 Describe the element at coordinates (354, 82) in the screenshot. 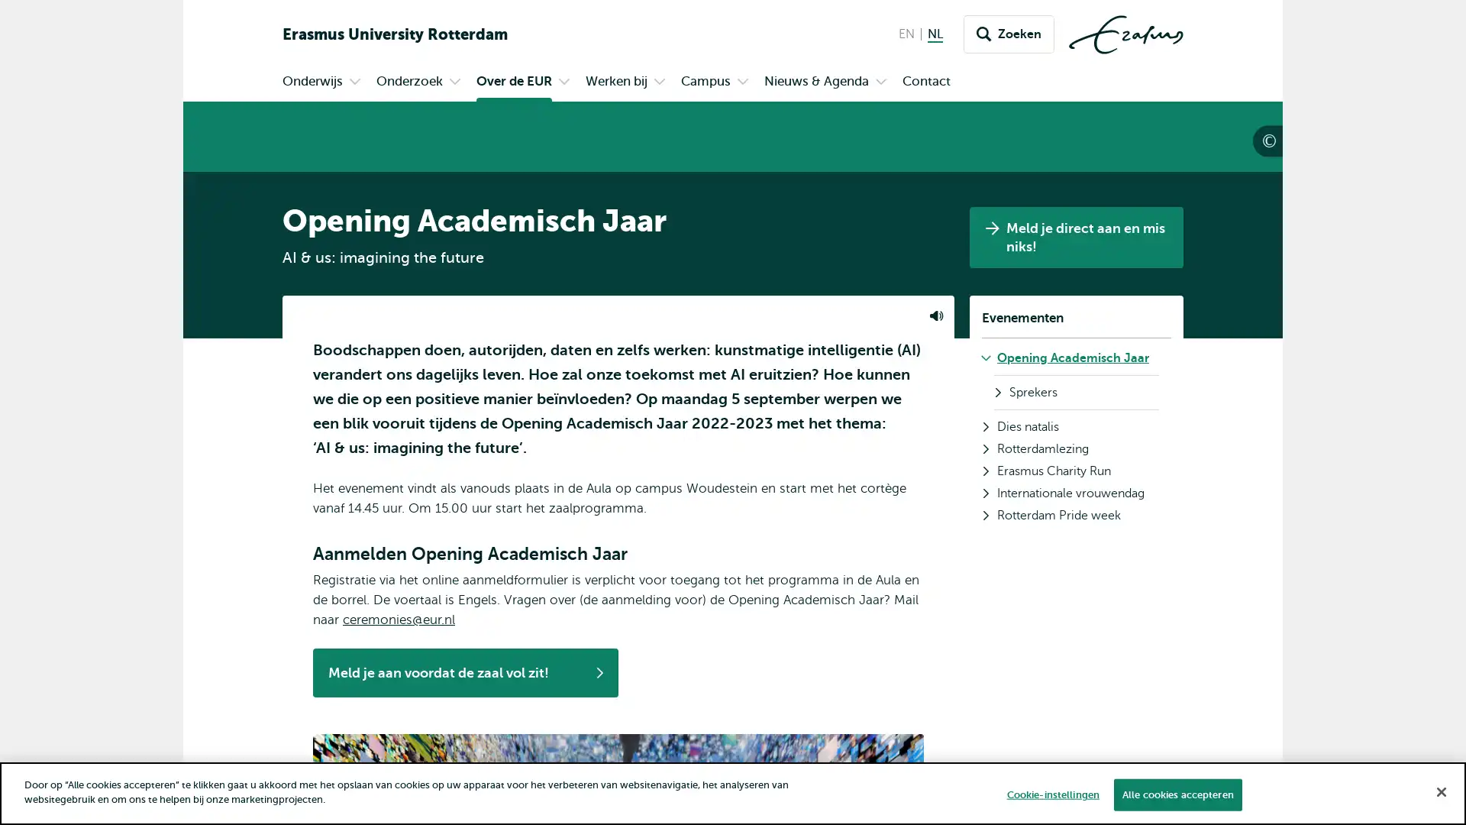

I see `Open submenu` at that location.